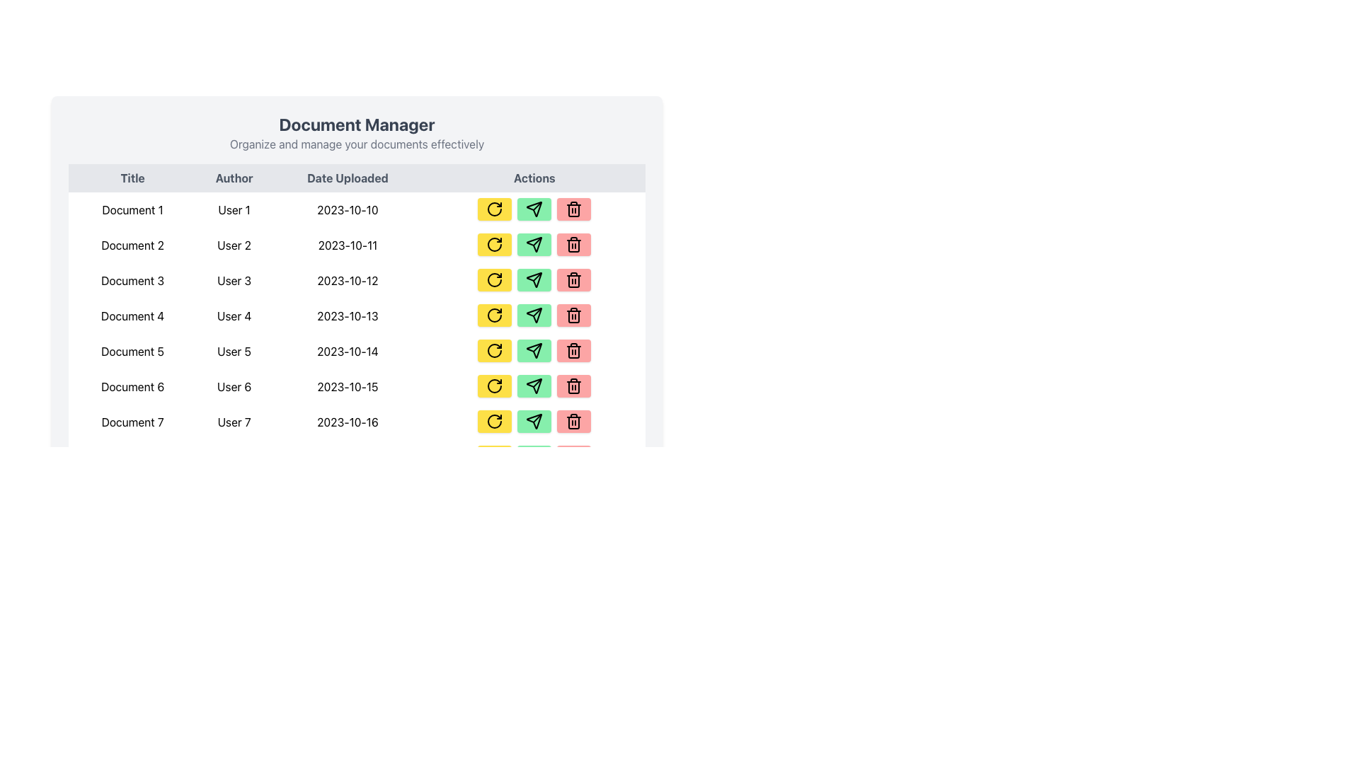  What do you see at coordinates (495, 280) in the screenshot?
I see `the yellow button in the third row under the 'Actions' column` at bounding box center [495, 280].